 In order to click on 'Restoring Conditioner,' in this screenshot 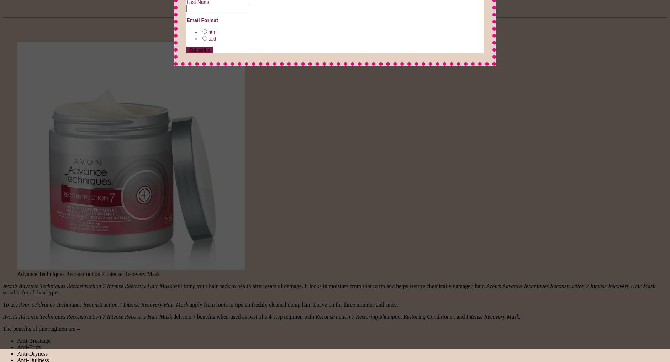, I will do `click(403, 316)`.